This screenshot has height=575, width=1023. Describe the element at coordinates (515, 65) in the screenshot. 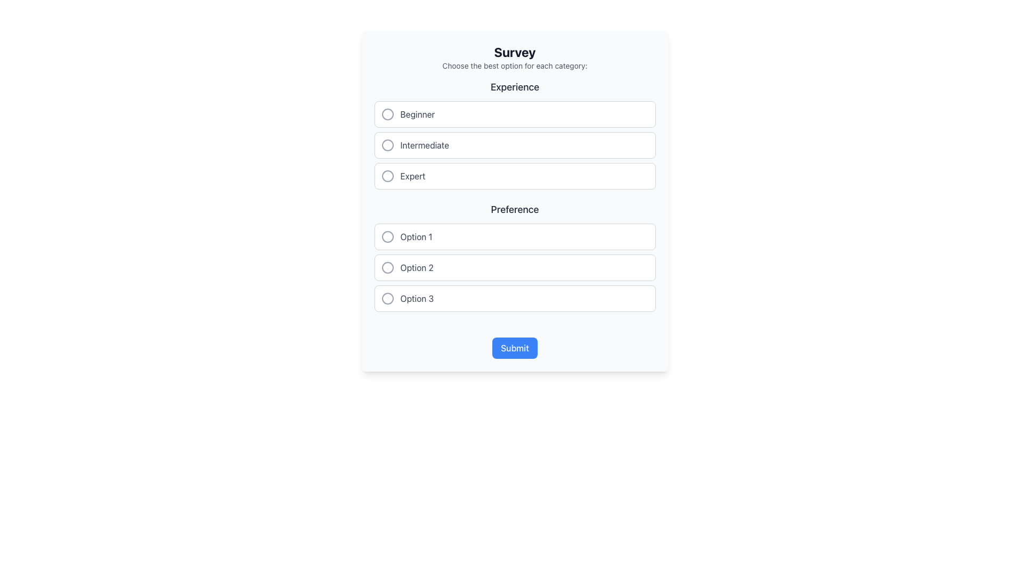

I see `the informative text that provides instructions for the user, positioned below the title 'Survey' and above the section labeled 'Experience'` at that location.